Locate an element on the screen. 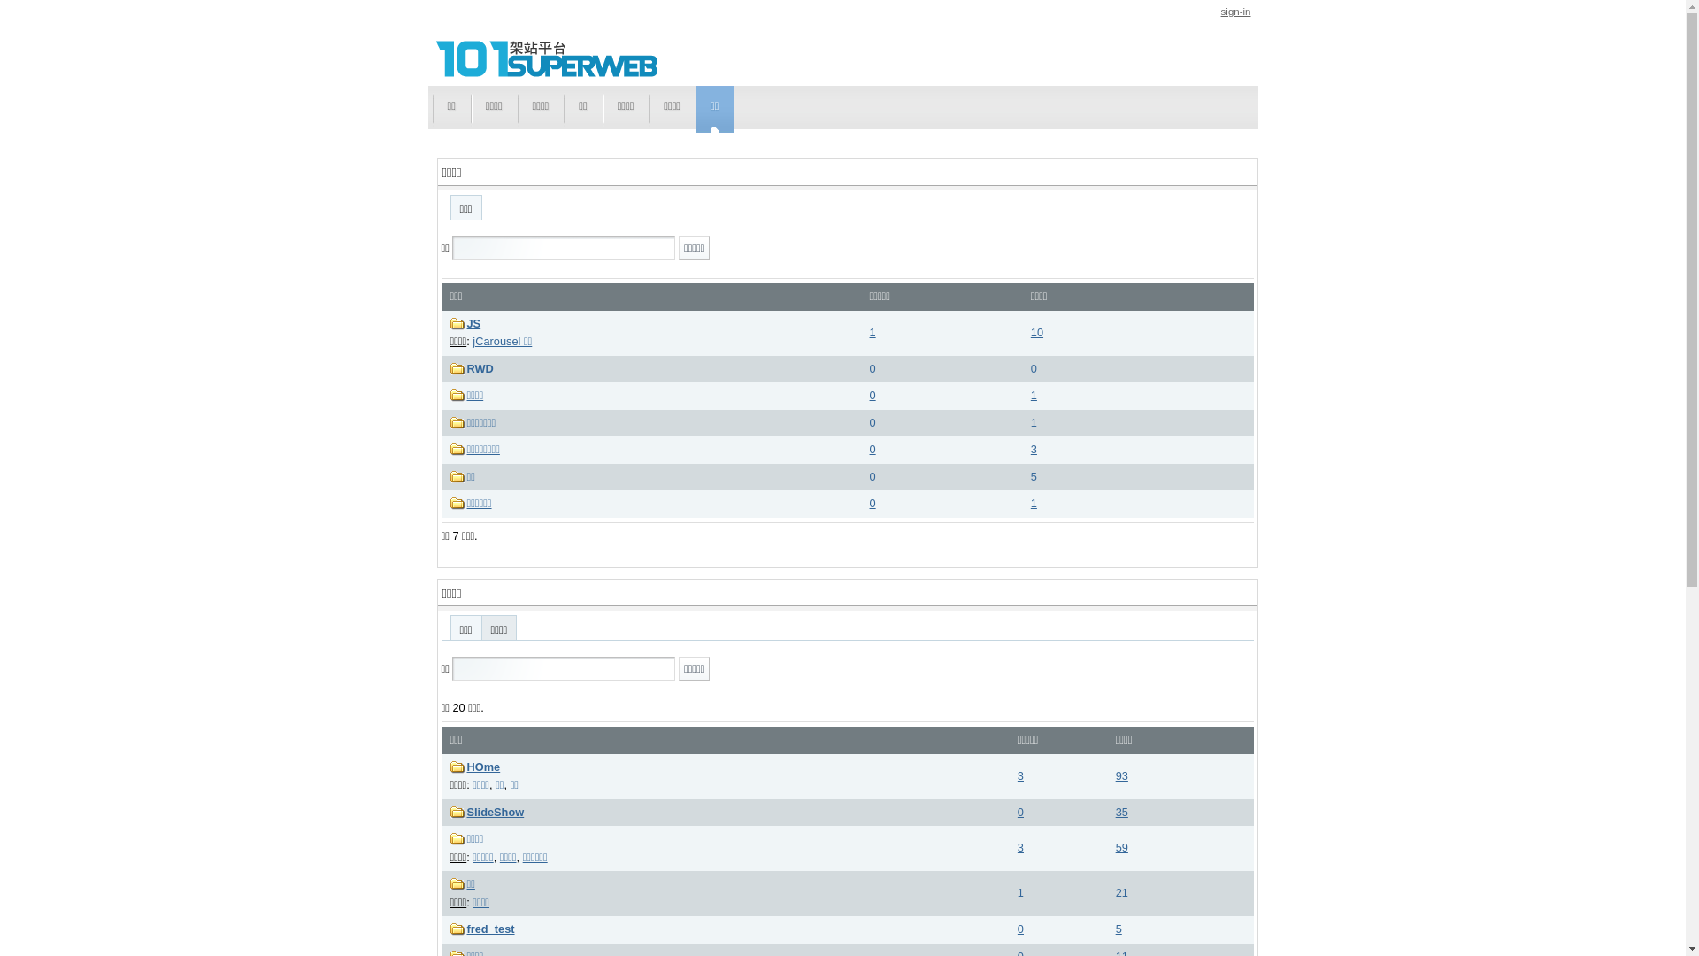 This screenshot has width=1699, height=956. '0' is located at coordinates (873, 503).